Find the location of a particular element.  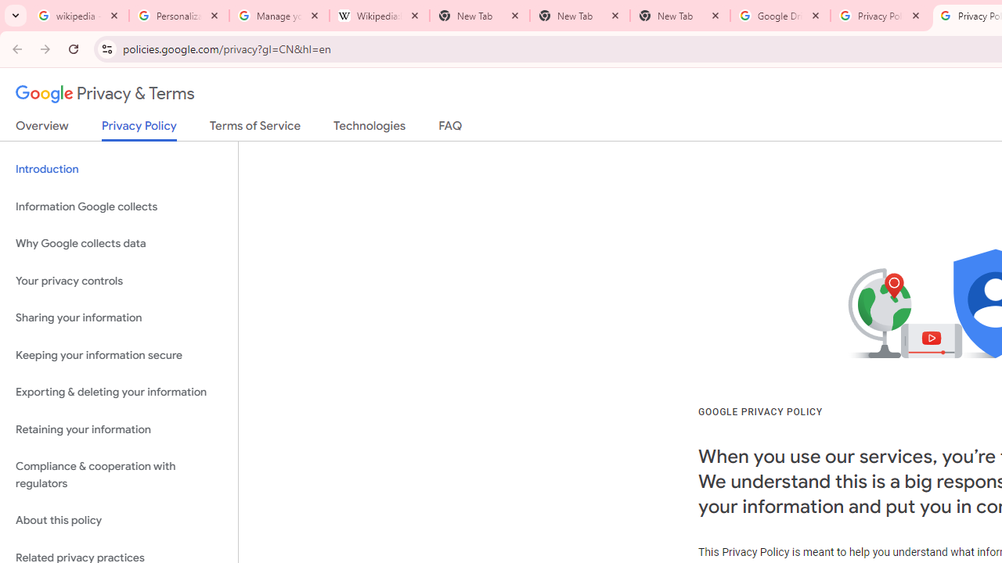

'Why Google collects data' is located at coordinates (118, 244).